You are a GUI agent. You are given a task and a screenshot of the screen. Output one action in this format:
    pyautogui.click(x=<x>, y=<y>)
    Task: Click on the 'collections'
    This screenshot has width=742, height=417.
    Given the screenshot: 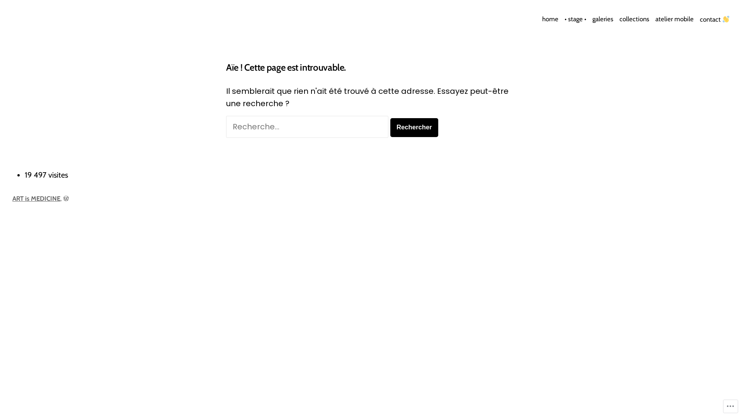 What is the action you would take?
    pyautogui.click(x=634, y=19)
    